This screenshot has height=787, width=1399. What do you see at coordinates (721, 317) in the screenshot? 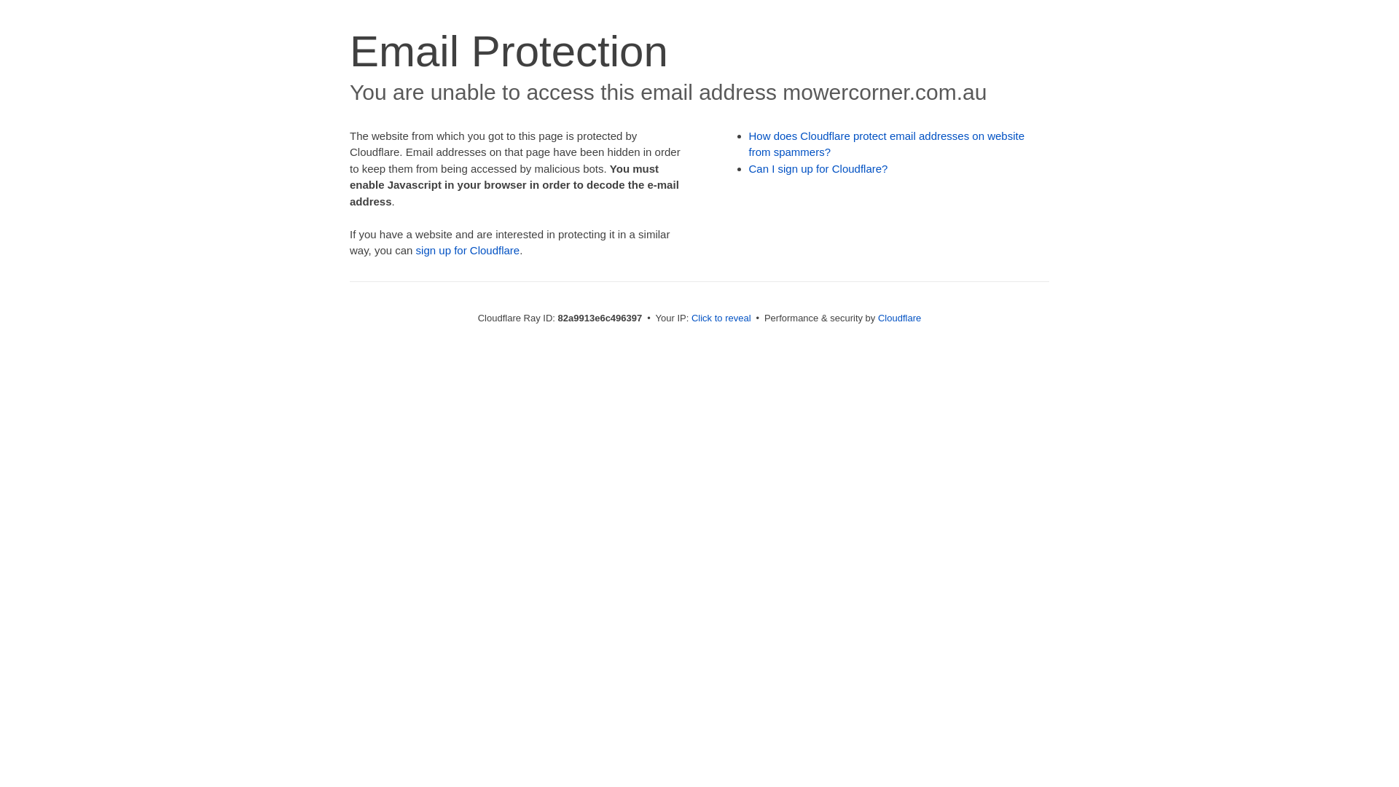
I see `'Click to reveal'` at bounding box center [721, 317].